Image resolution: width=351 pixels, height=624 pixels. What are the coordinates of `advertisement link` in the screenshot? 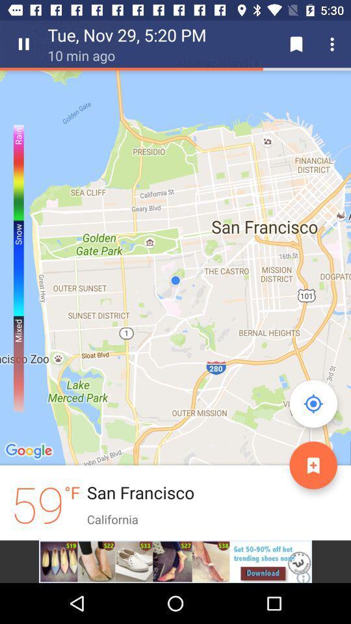 It's located at (175, 561).